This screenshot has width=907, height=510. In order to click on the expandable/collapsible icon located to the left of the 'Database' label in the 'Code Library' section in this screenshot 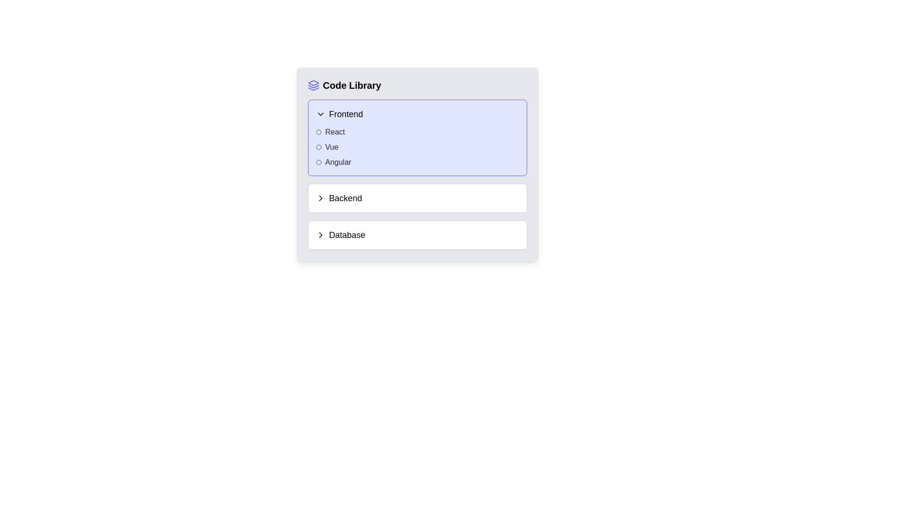, I will do `click(320, 198)`.